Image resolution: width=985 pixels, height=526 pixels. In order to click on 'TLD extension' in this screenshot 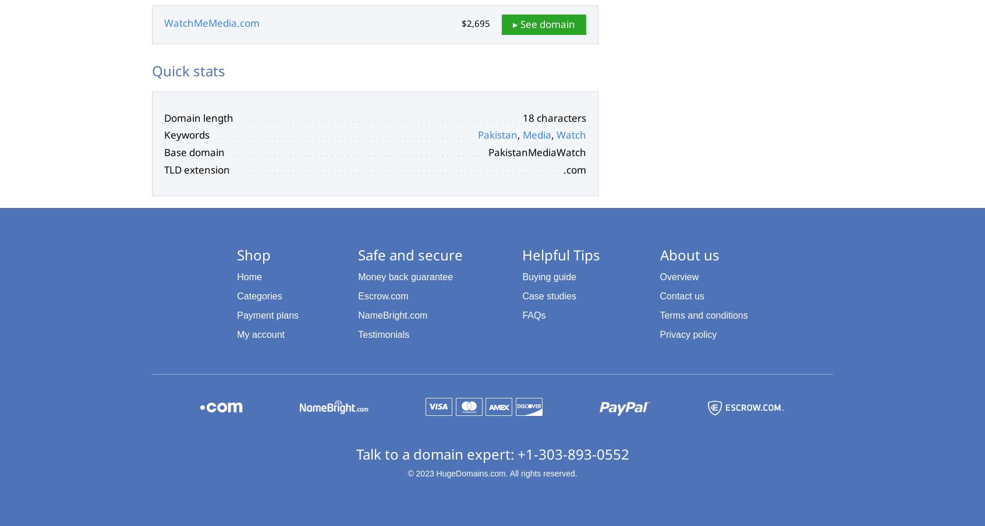, I will do `click(196, 168)`.